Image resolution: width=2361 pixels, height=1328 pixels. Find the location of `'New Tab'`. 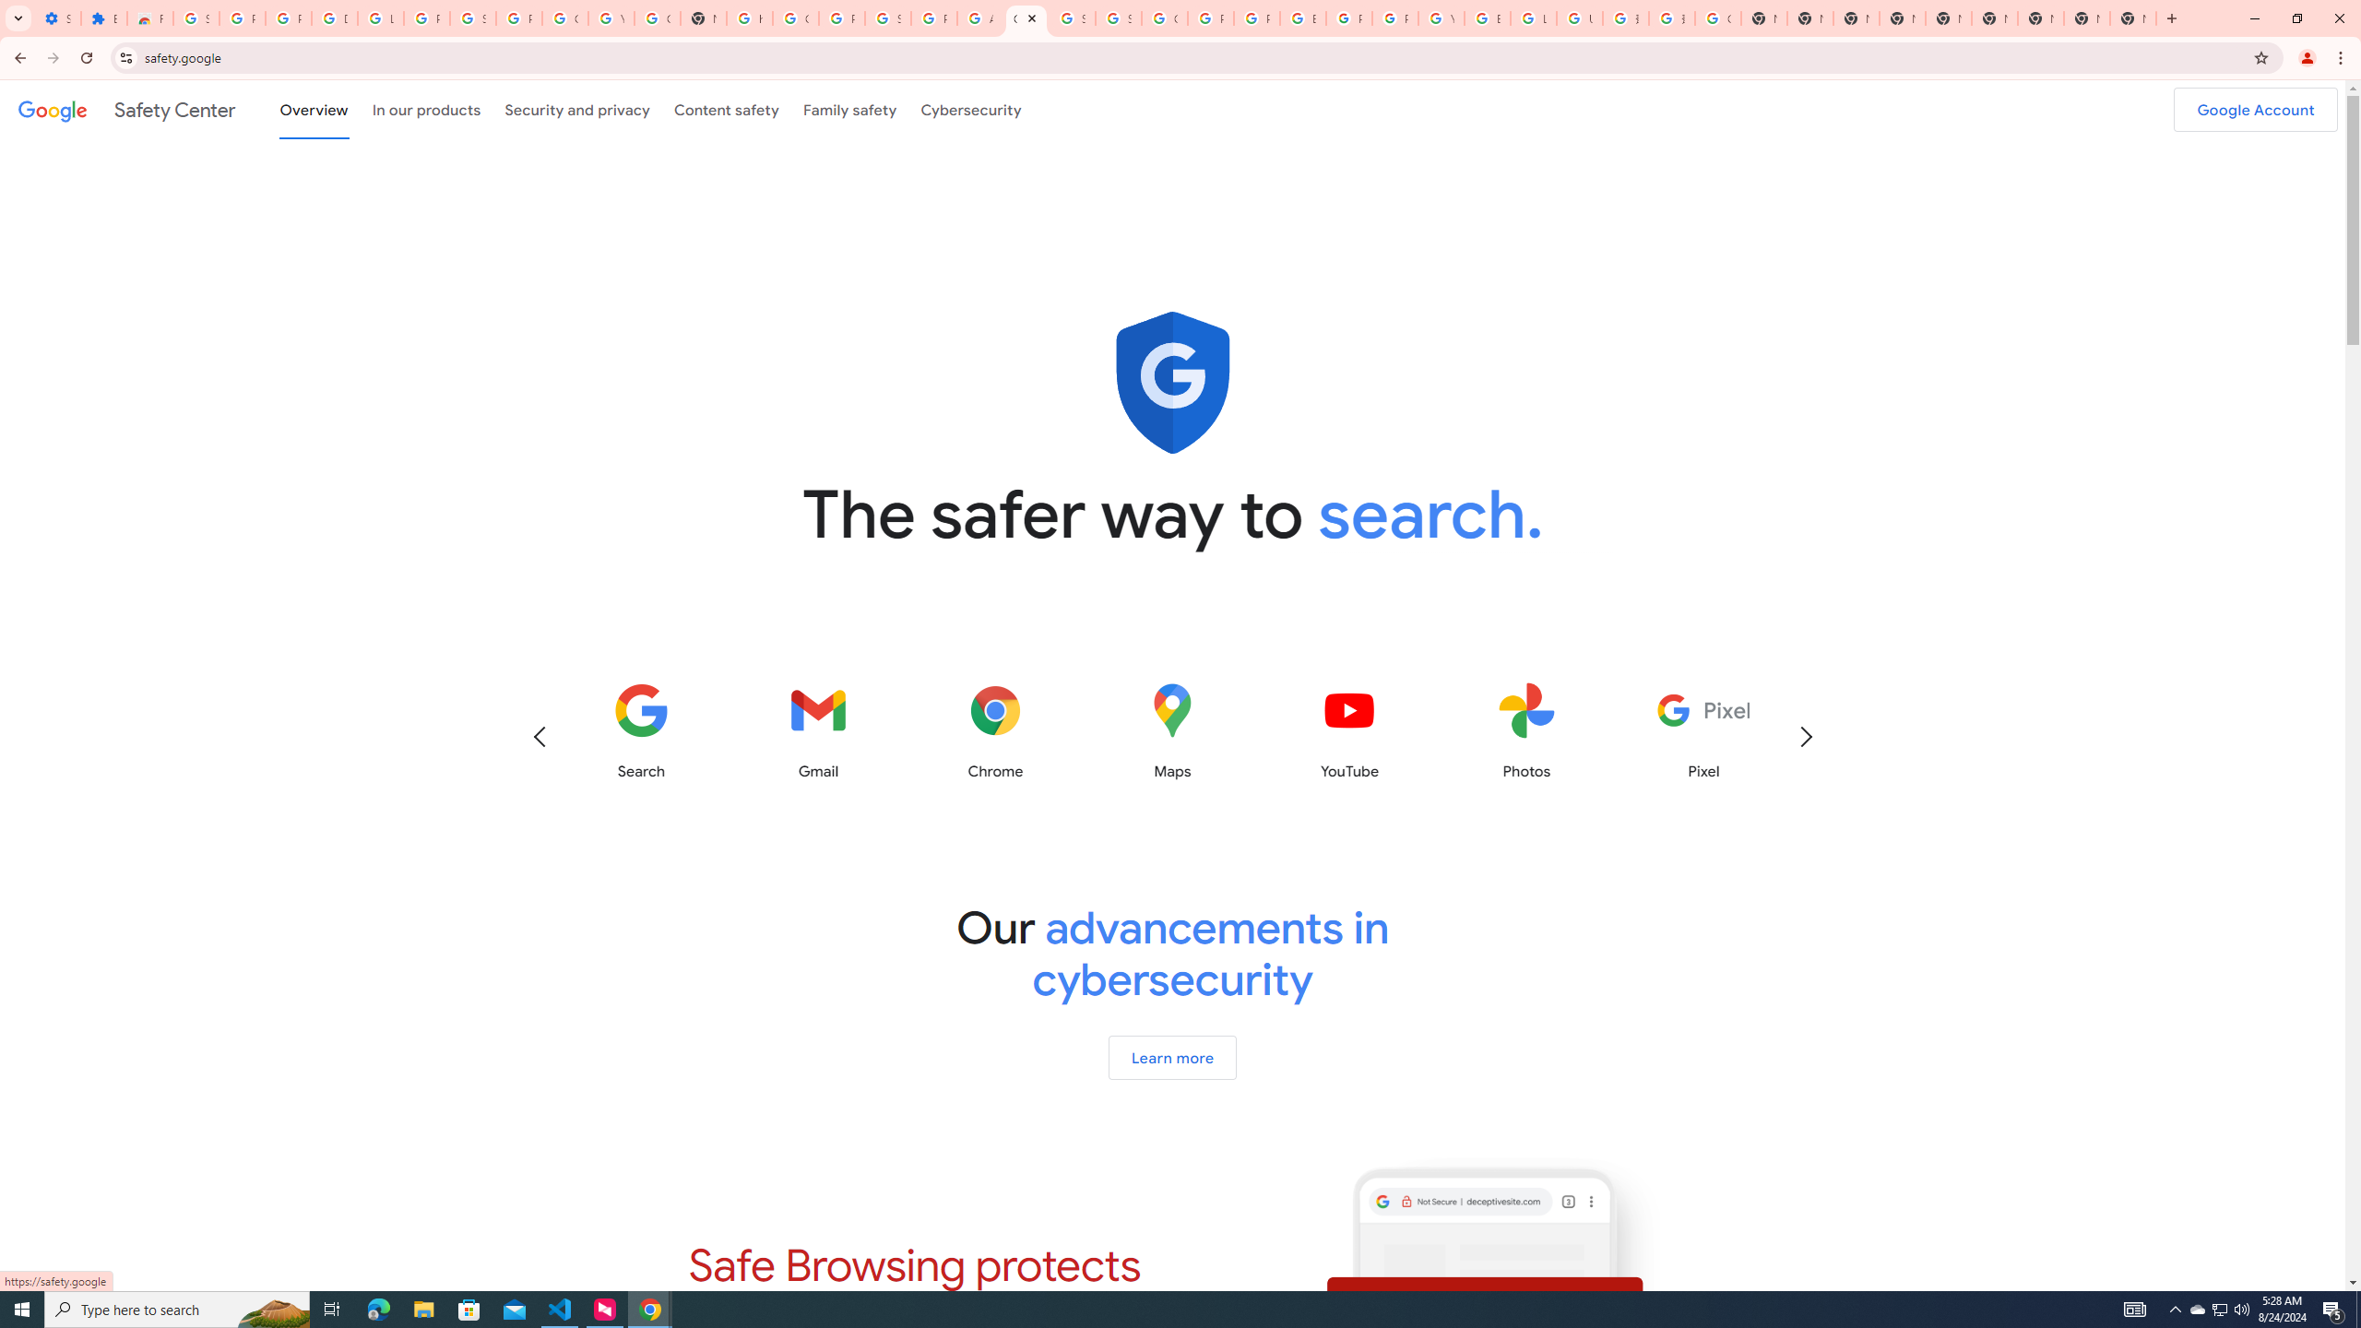

'New Tab' is located at coordinates (2131, 18).